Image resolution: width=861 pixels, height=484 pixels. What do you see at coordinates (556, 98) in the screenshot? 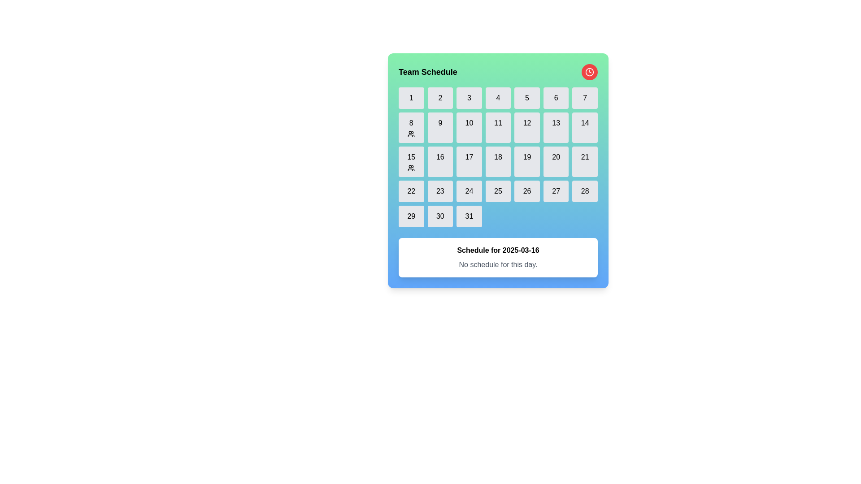
I see `the button representing the sixth day in the 'Team Schedule' calendar view` at bounding box center [556, 98].